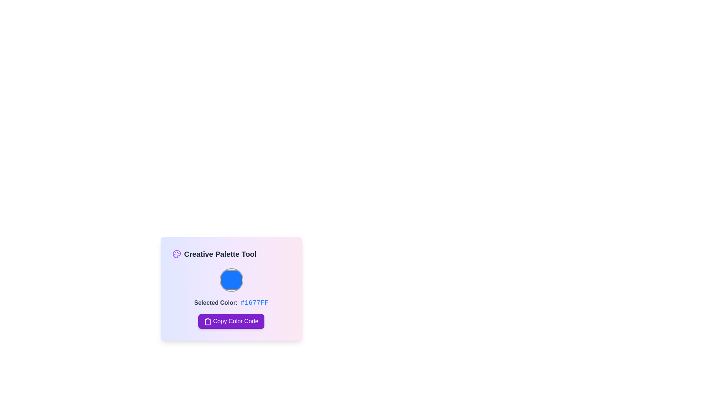 The height and width of the screenshot is (399, 709). Describe the element at coordinates (231, 280) in the screenshot. I see `the bright blue circular color selection indicator element with a gray border that is highlighted for interactivity` at that location.